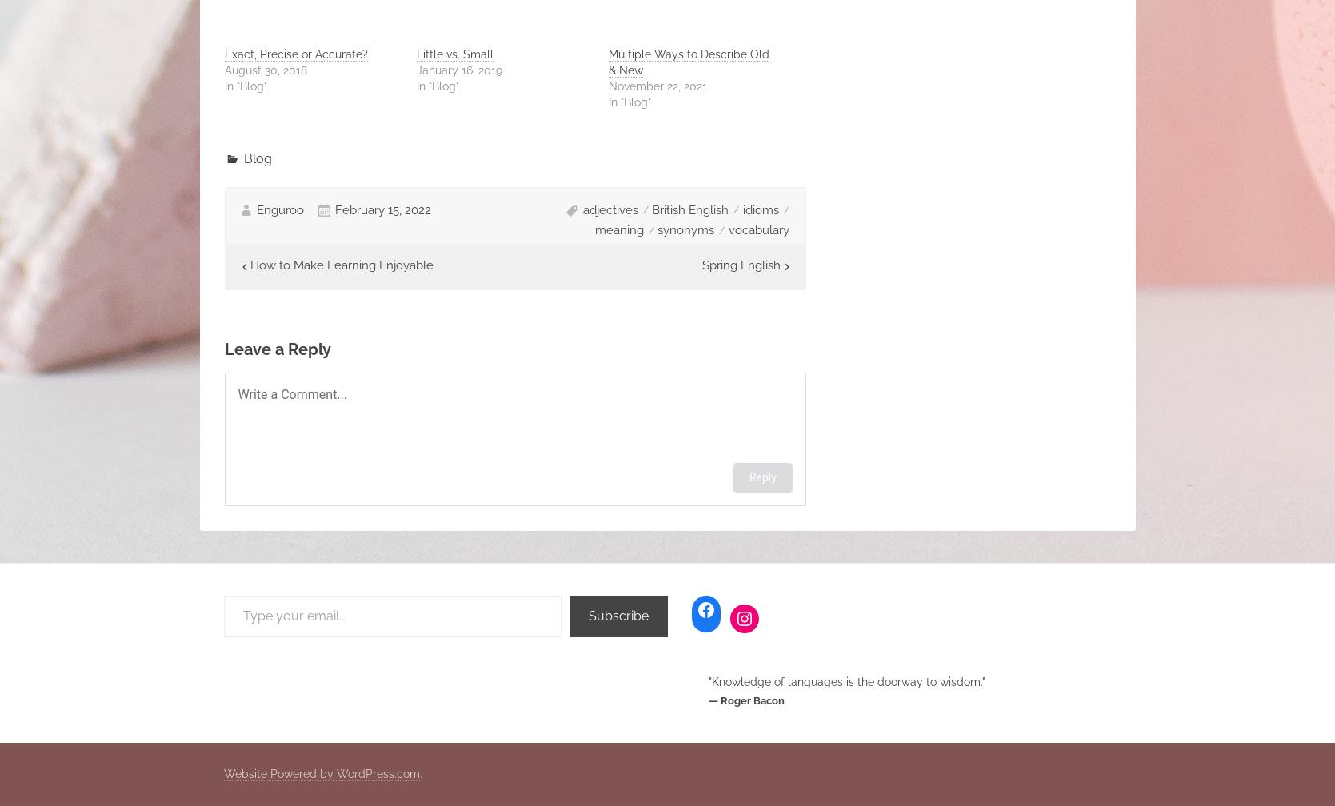 This screenshot has width=1335, height=806. What do you see at coordinates (701, 265) in the screenshot?
I see `'Spring English'` at bounding box center [701, 265].